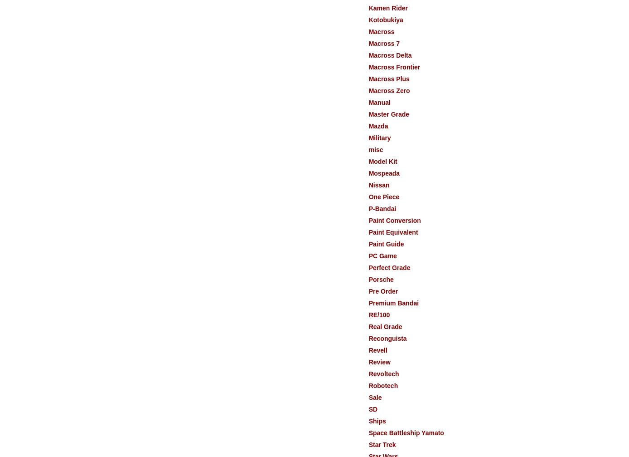  What do you see at coordinates (368, 220) in the screenshot?
I see `'Paint Conversion'` at bounding box center [368, 220].